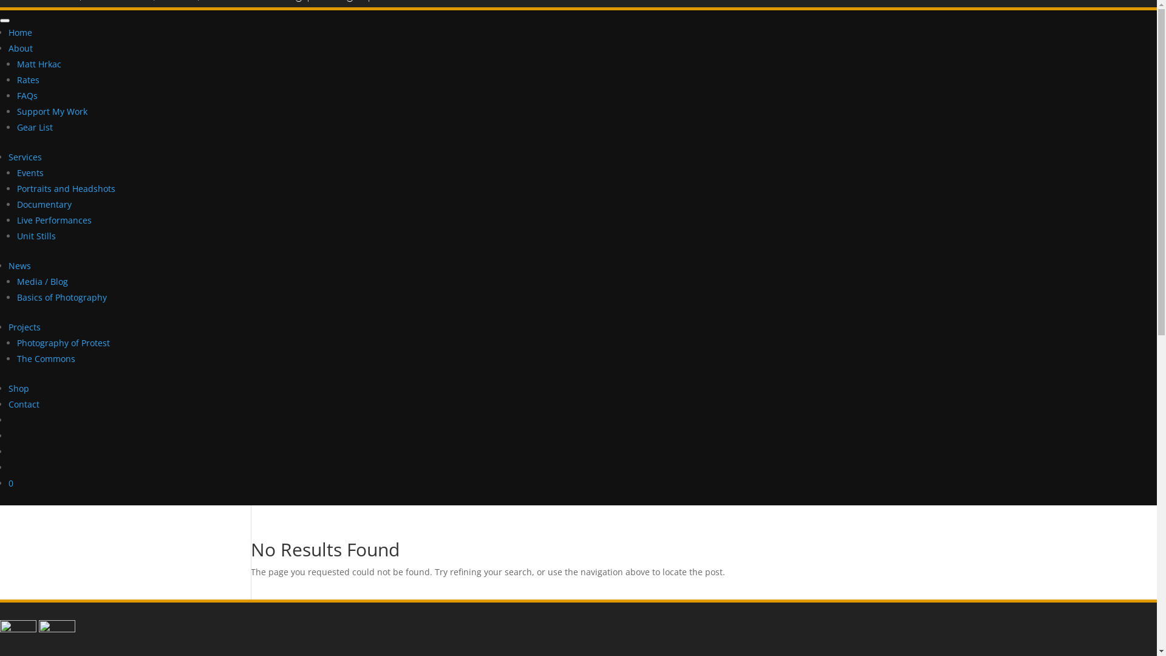 This screenshot has height=656, width=1166. Describe the element at coordinates (35, 127) in the screenshot. I see `'Gear List'` at that location.